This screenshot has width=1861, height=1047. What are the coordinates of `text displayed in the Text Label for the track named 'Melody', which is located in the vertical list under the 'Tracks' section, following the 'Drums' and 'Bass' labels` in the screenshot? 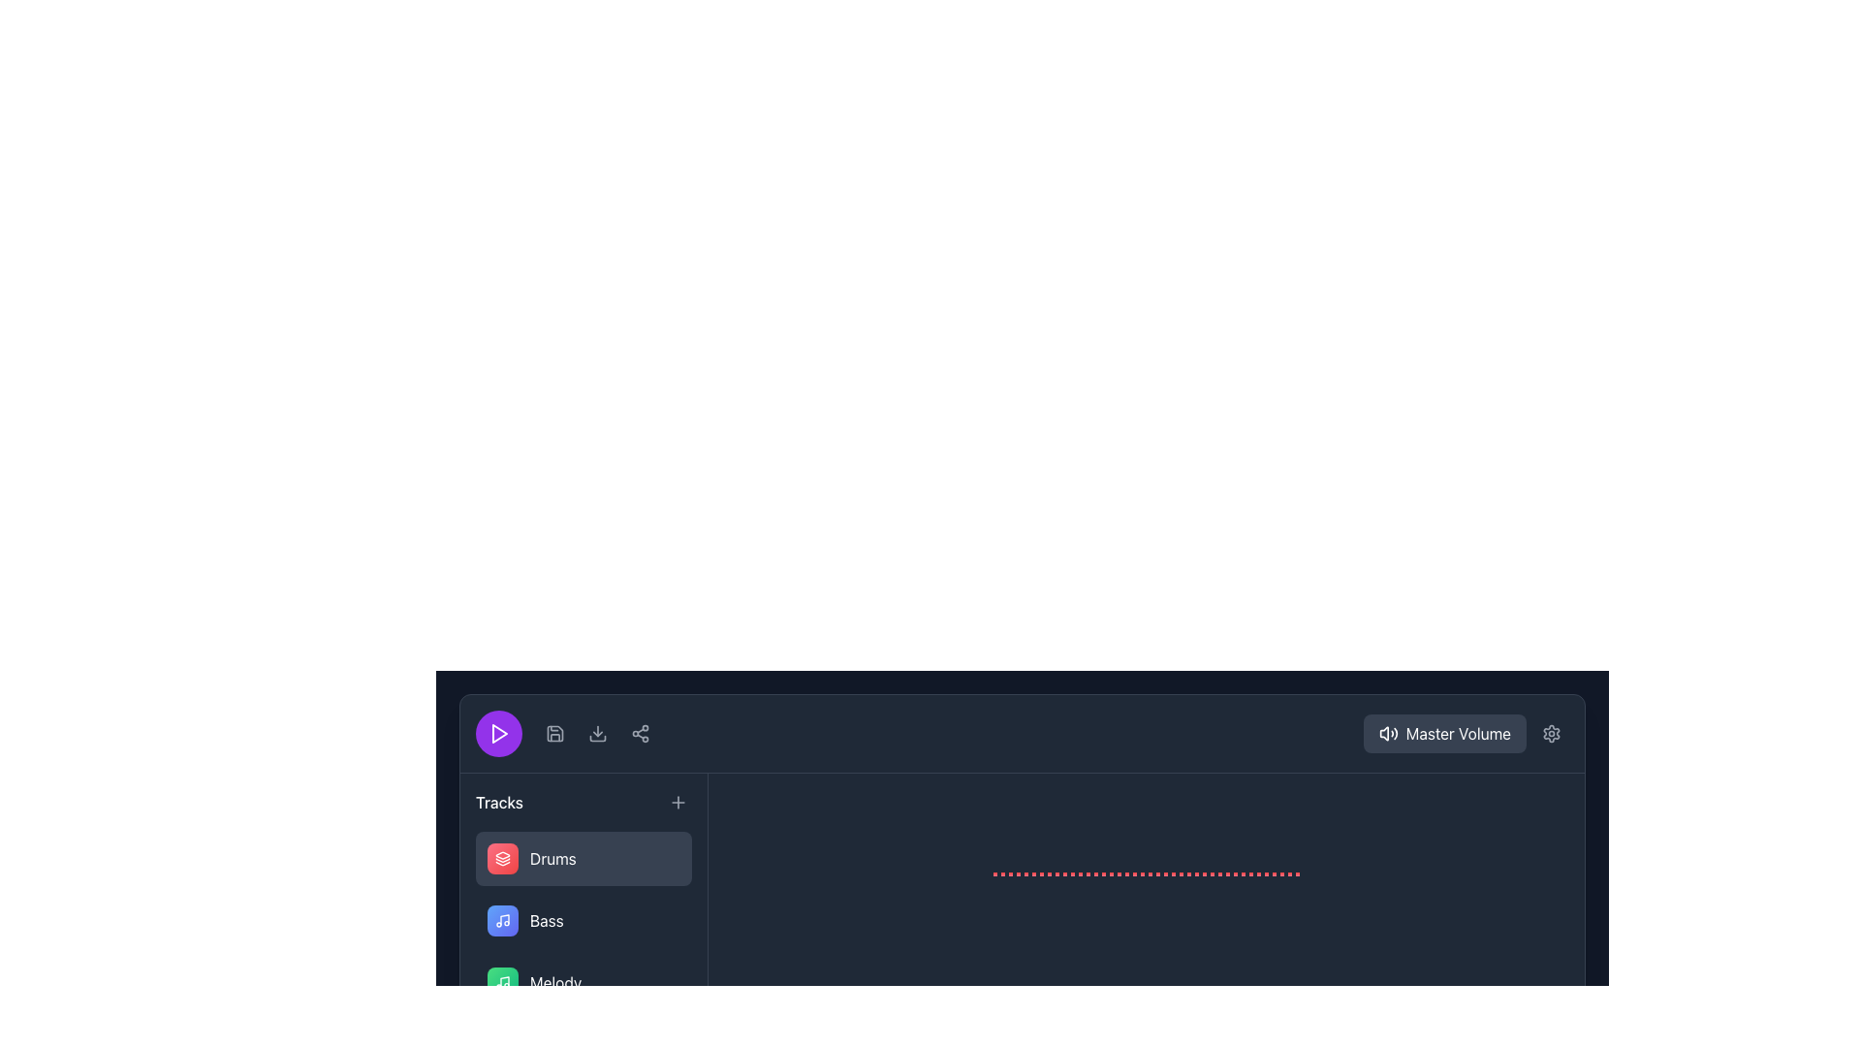 It's located at (554, 983).